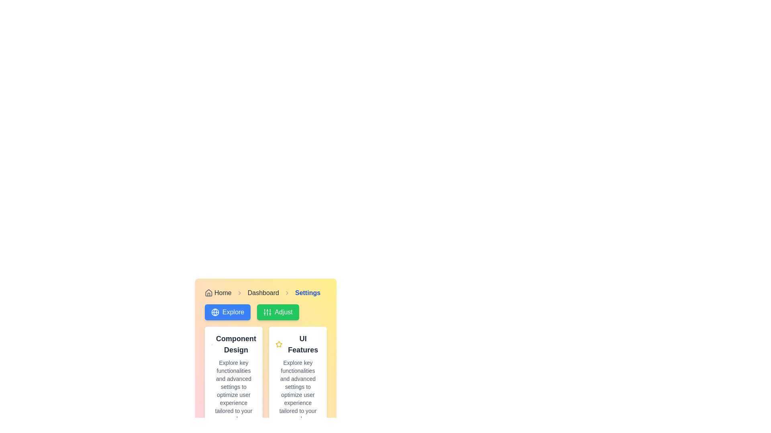 This screenshot has height=433, width=771. Describe the element at coordinates (298, 344) in the screenshot. I see `the Text label with an accompanying icon, which serves as the title for the card located in the middle of a three-card layout` at that location.